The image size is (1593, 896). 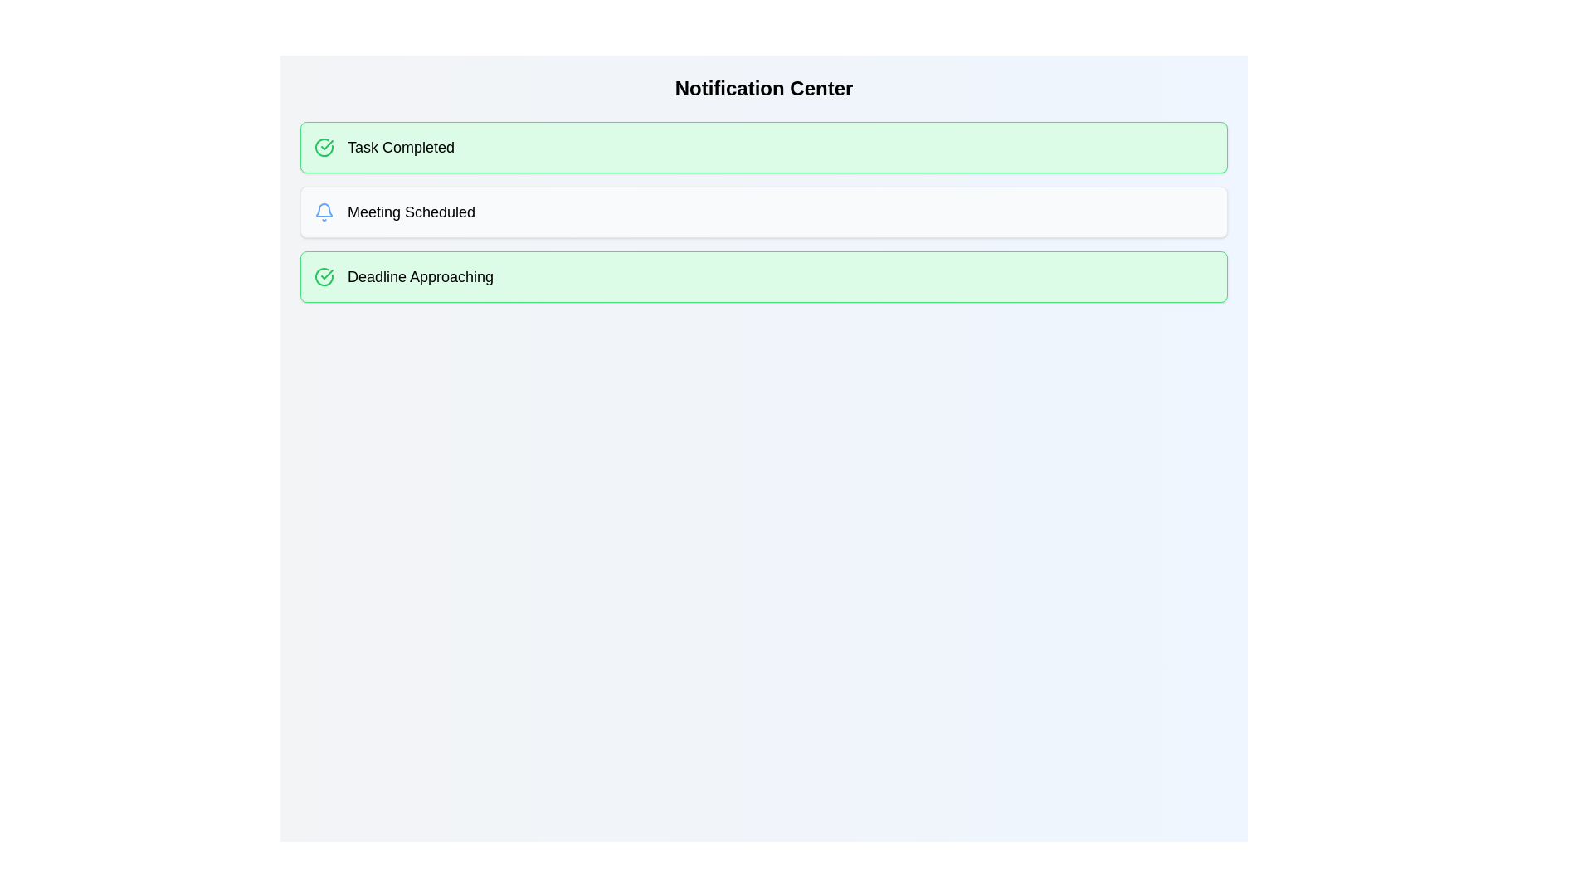 I want to click on the notification chip labeled 'Meeting Scheduled' by clicking on it, so click(x=763, y=211).